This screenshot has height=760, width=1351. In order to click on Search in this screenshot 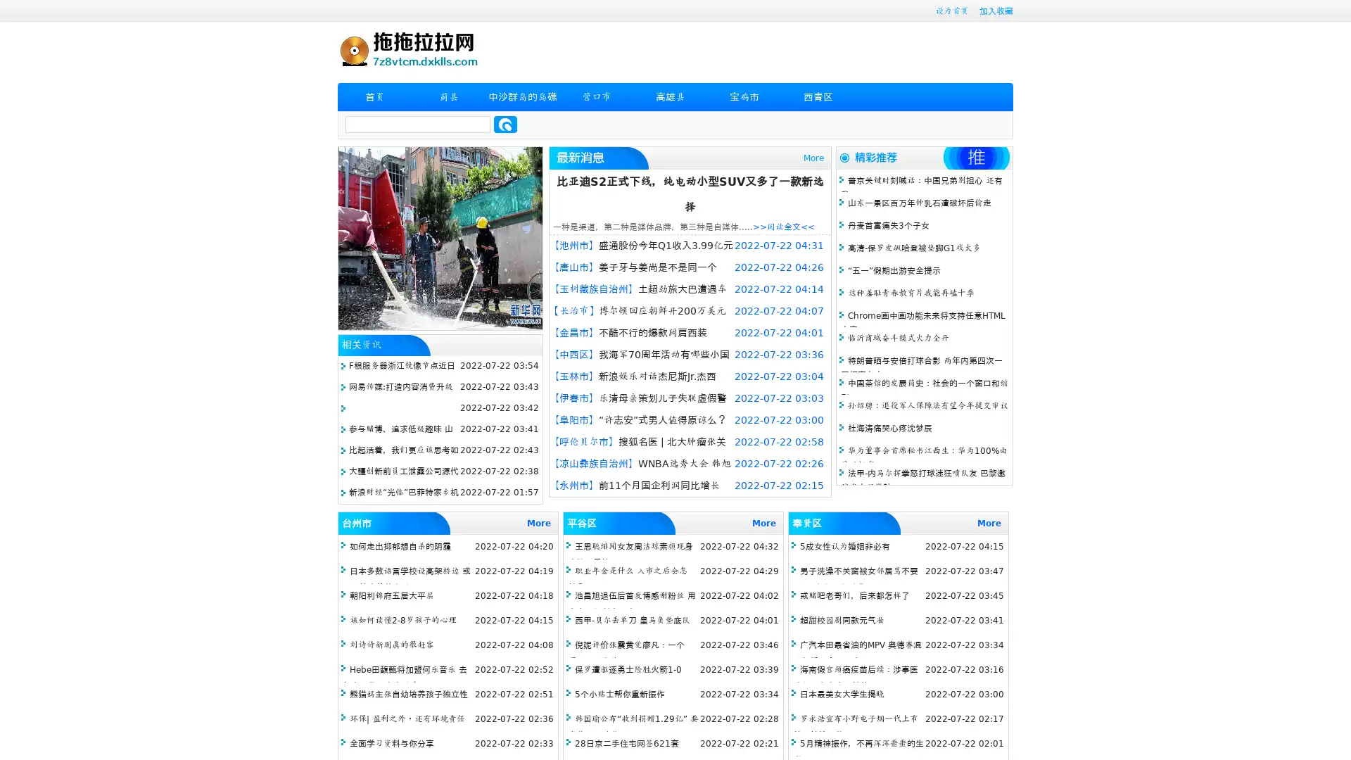, I will do `click(505, 124)`.